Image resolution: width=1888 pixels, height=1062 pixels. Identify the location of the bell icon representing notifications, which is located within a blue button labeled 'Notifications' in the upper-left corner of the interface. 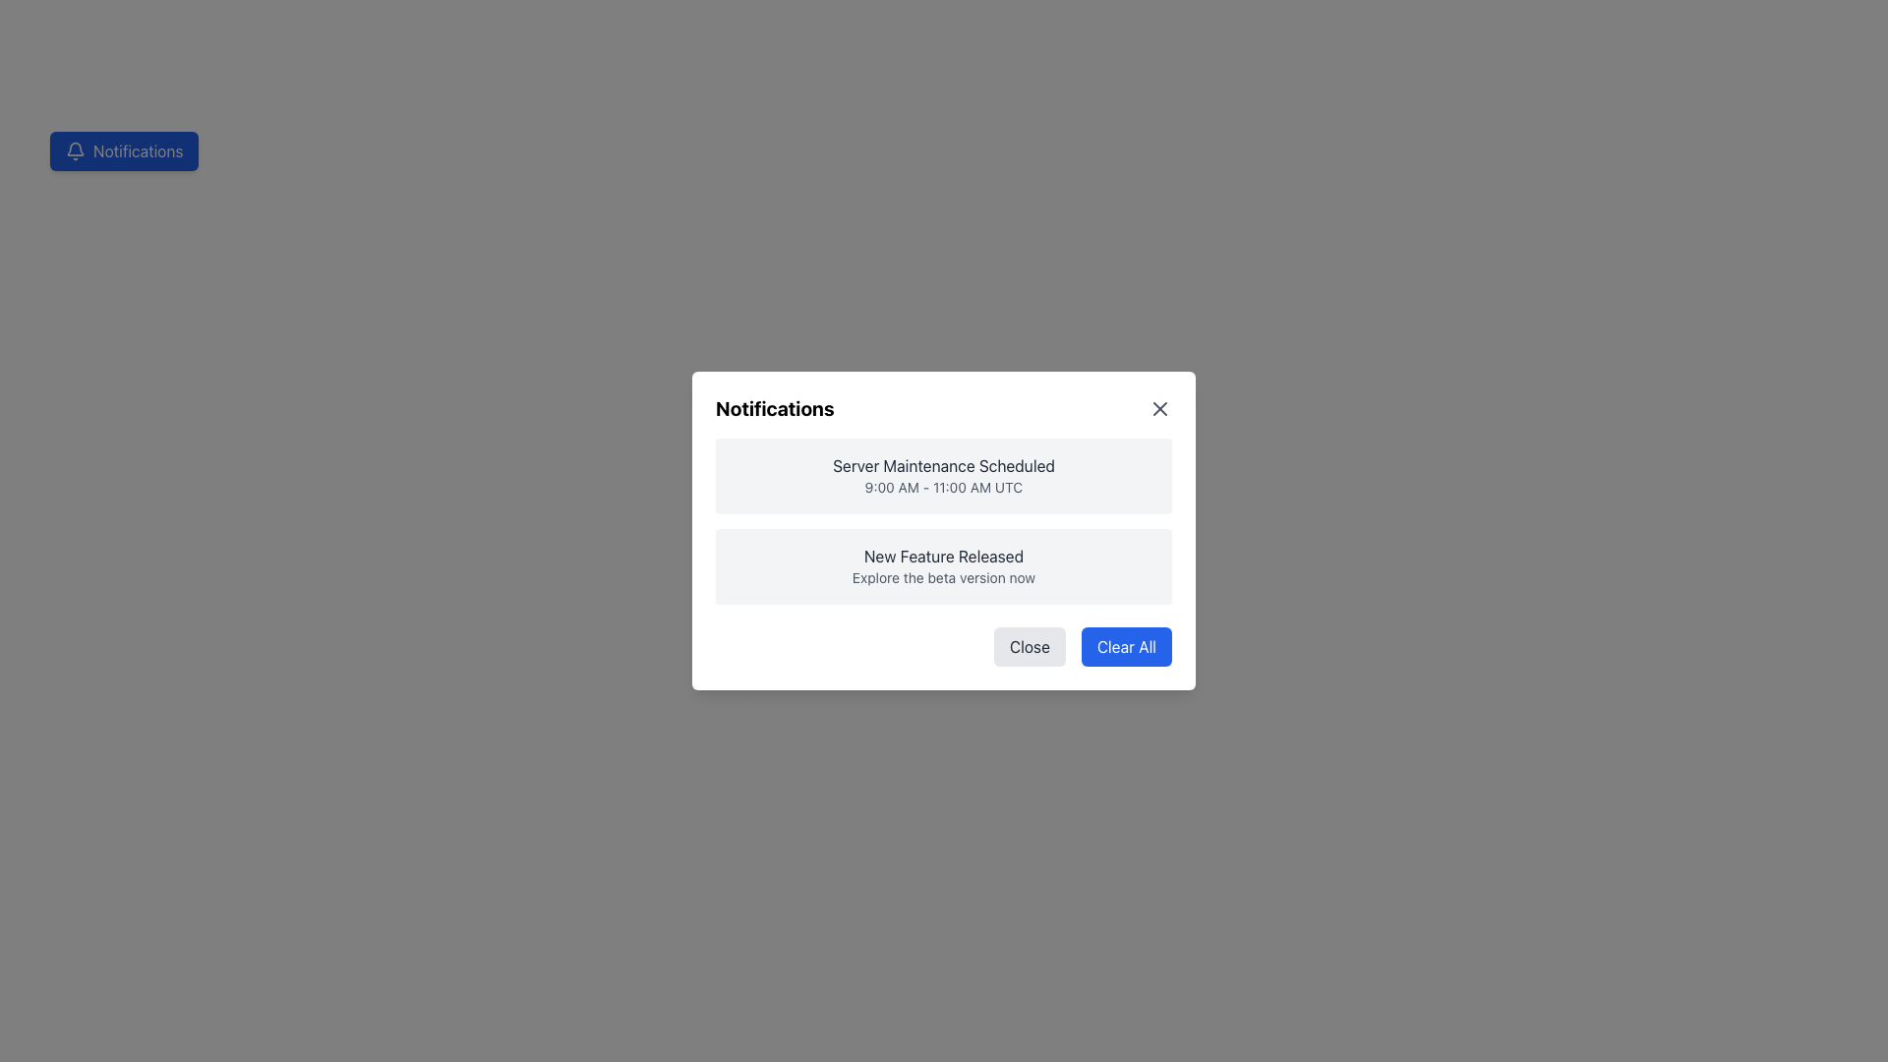
(75, 150).